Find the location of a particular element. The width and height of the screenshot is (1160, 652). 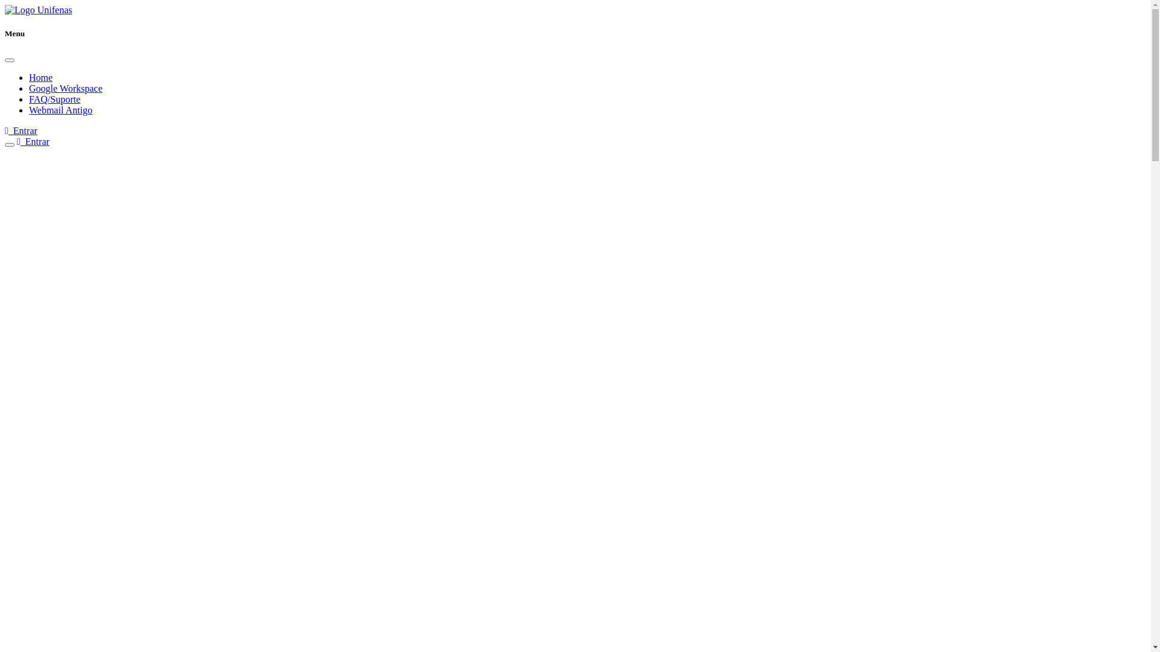

' Entrar' is located at coordinates (33, 141).